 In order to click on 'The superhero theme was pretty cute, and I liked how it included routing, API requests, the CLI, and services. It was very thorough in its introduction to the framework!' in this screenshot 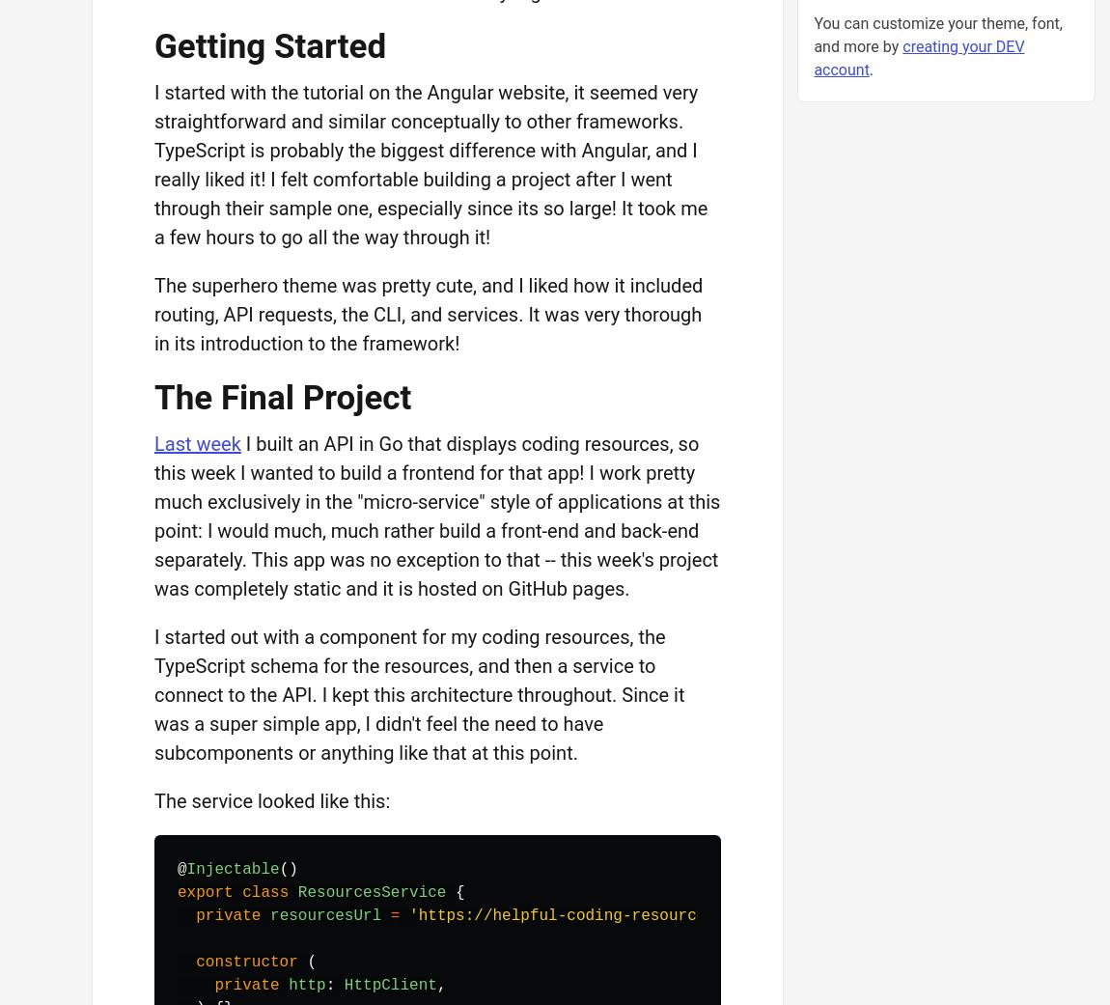, I will do `click(153, 315)`.